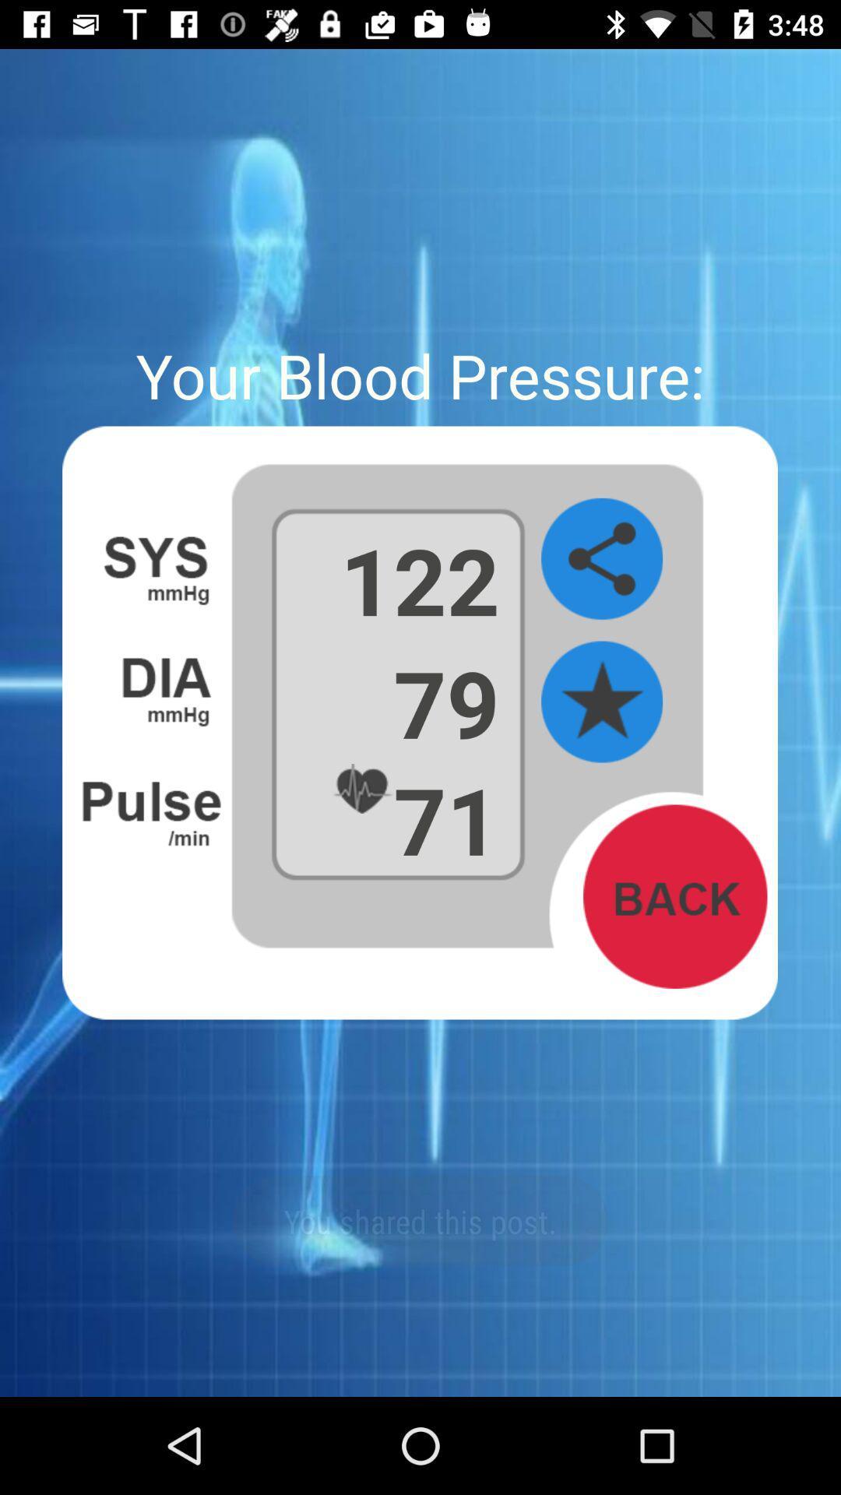 The height and width of the screenshot is (1495, 841). Describe the element at coordinates (601, 702) in the screenshot. I see `favorites` at that location.